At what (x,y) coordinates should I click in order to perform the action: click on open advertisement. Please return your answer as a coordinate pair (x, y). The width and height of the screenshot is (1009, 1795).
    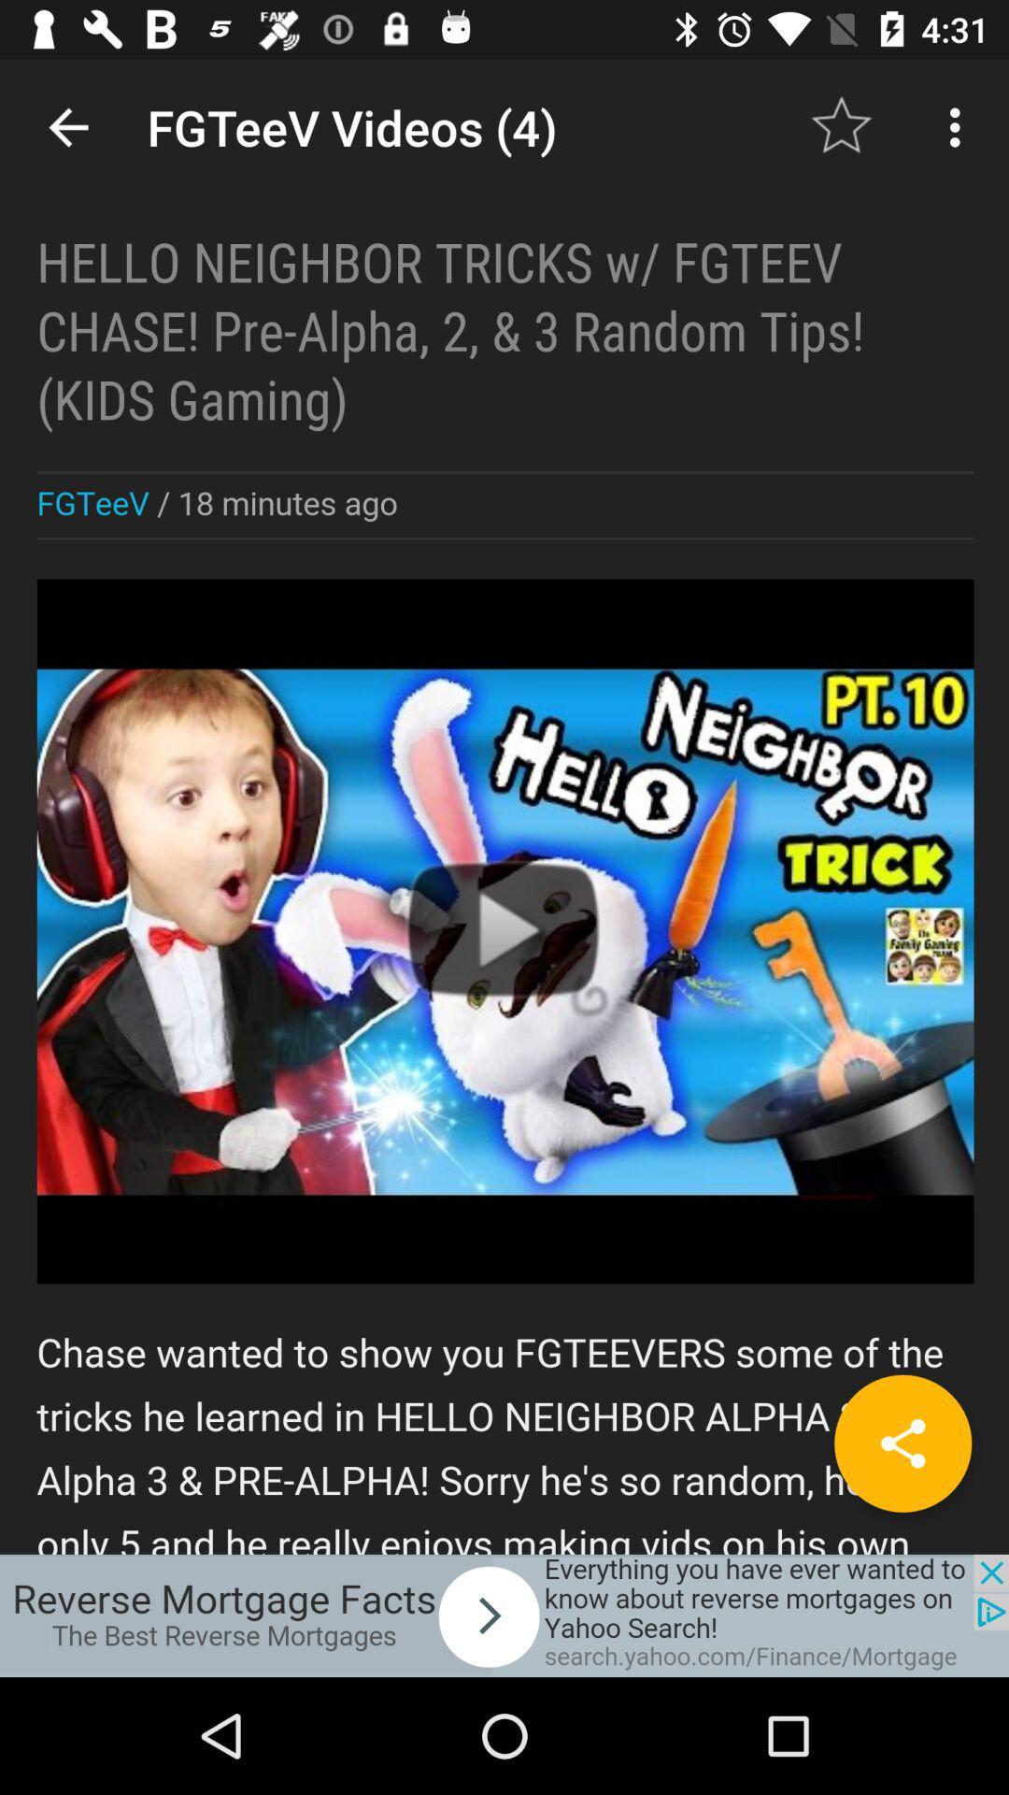
    Looking at the image, I should click on (504, 1615).